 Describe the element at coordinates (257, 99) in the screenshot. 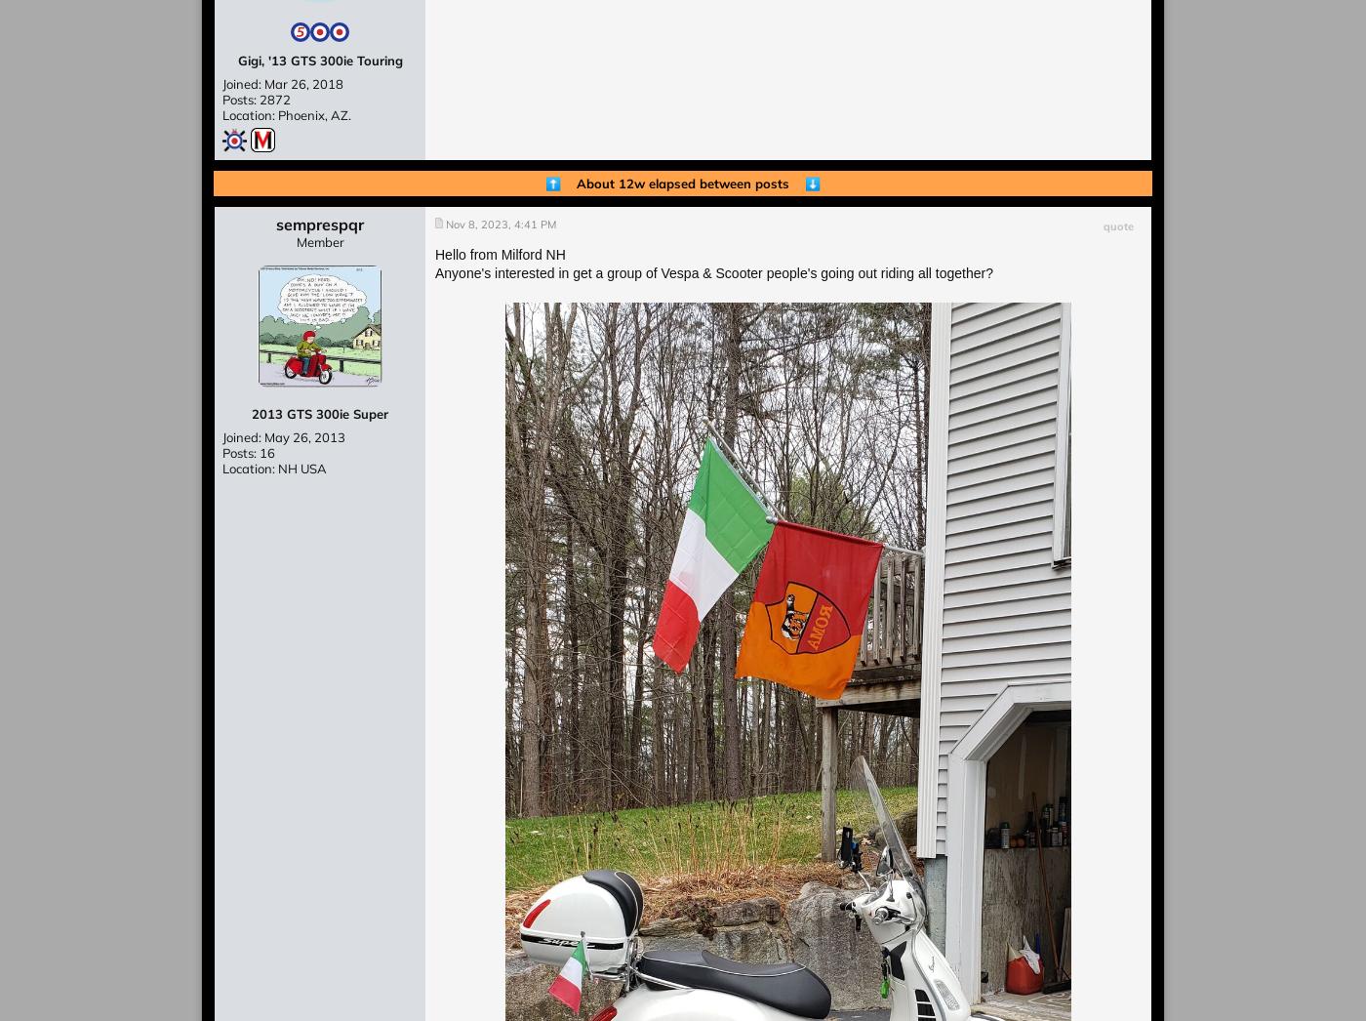

I see `'Posts: 2872'` at that location.